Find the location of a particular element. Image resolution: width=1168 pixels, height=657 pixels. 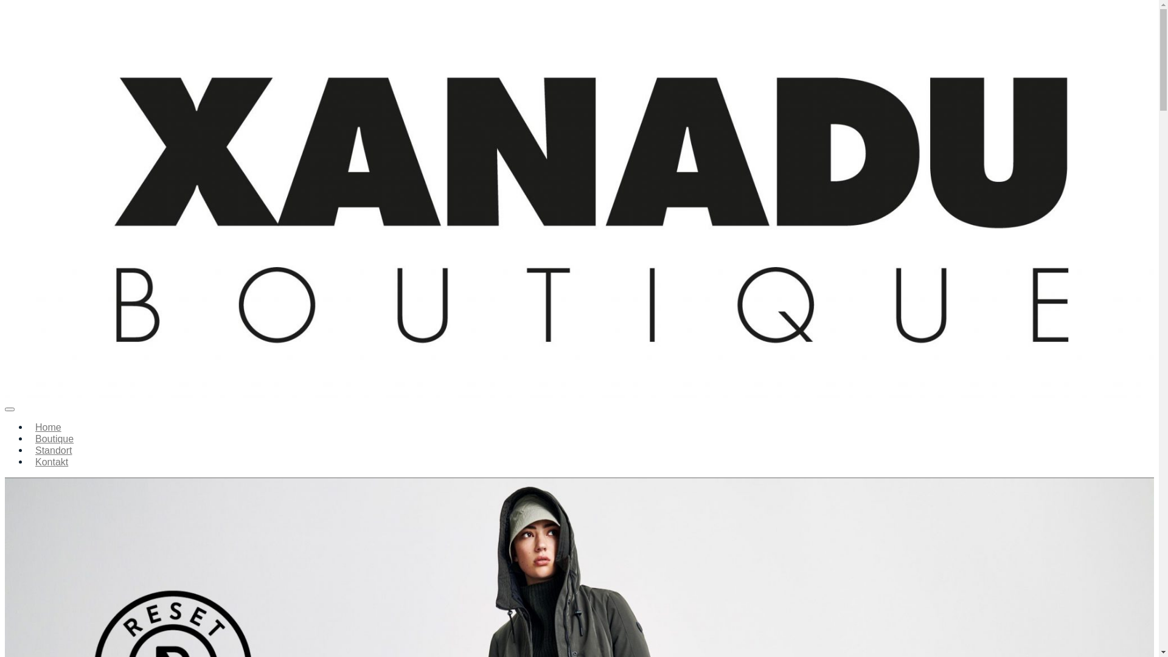

'Home' is located at coordinates (48, 426).